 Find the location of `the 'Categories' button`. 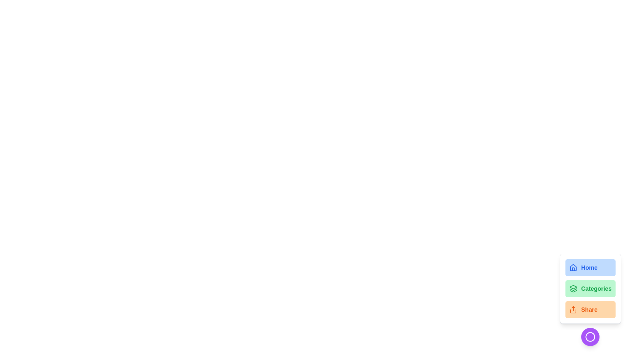

the 'Categories' button is located at coordinates (590, 288).